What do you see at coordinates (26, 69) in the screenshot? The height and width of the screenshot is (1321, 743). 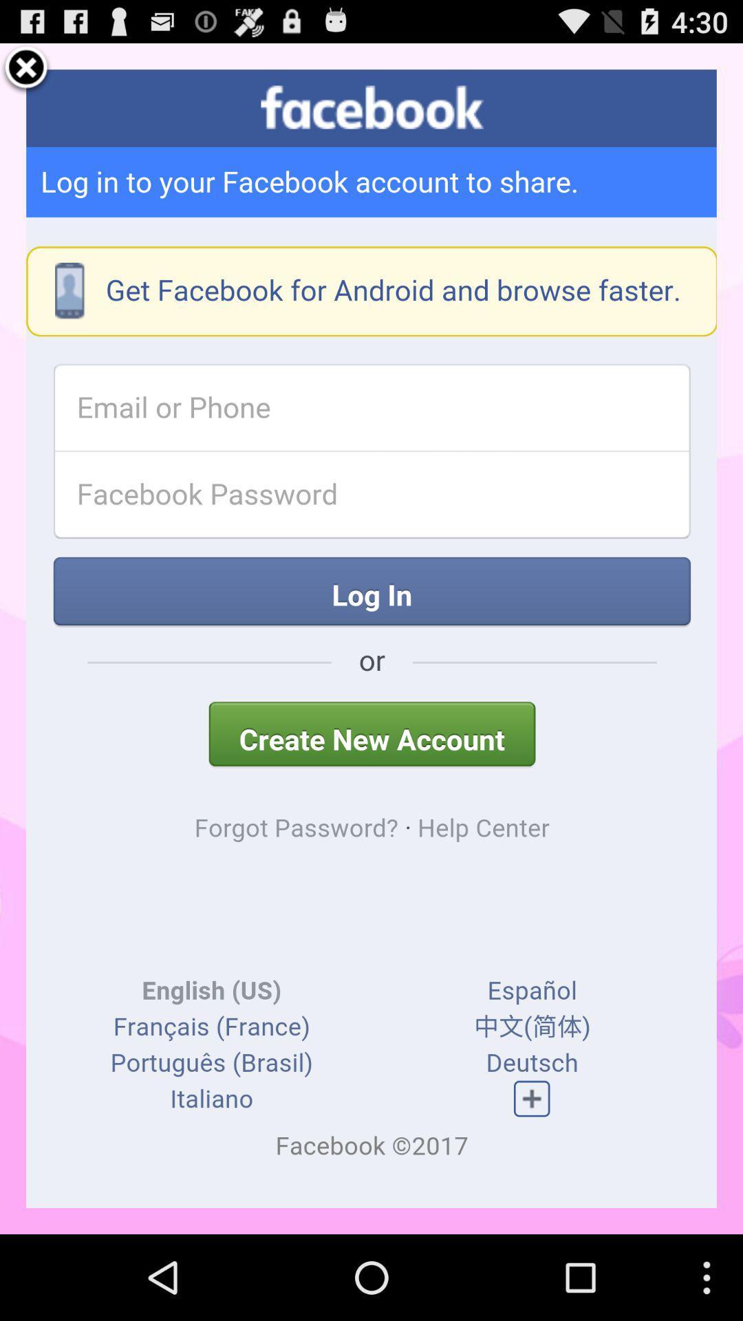 I see `to close` at bounding box center [26, 69].